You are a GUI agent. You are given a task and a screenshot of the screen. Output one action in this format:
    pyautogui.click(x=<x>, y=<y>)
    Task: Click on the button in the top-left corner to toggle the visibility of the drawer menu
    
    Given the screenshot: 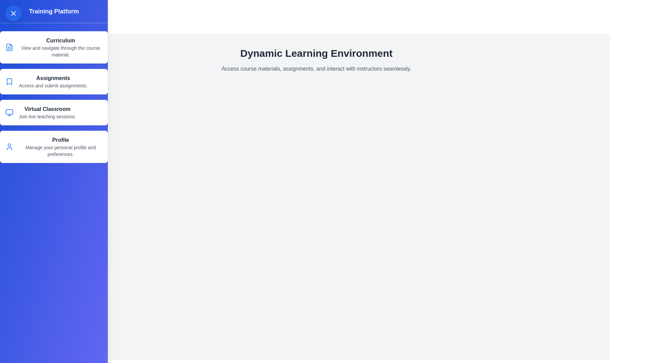 What is the action you would take?
    pyautogui.click(x=13, y=13)
    